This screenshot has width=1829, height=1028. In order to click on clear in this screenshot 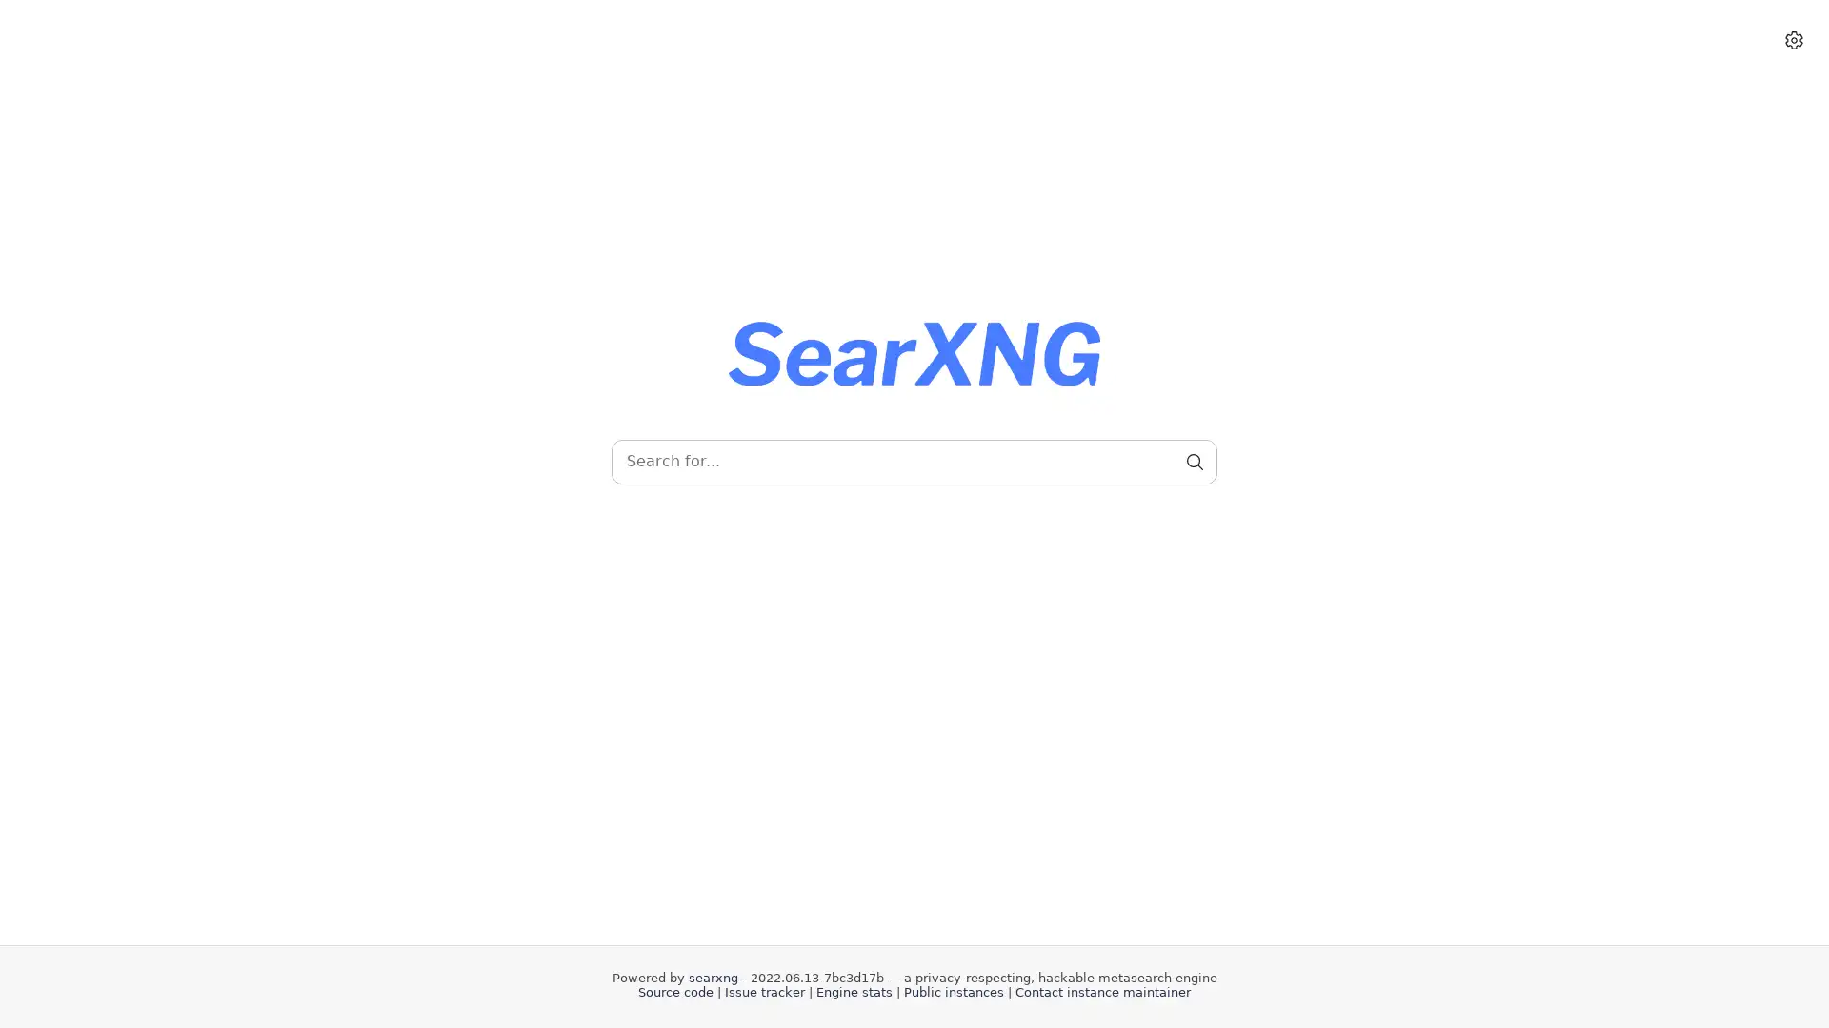, I will do `click(1160, 462)`.